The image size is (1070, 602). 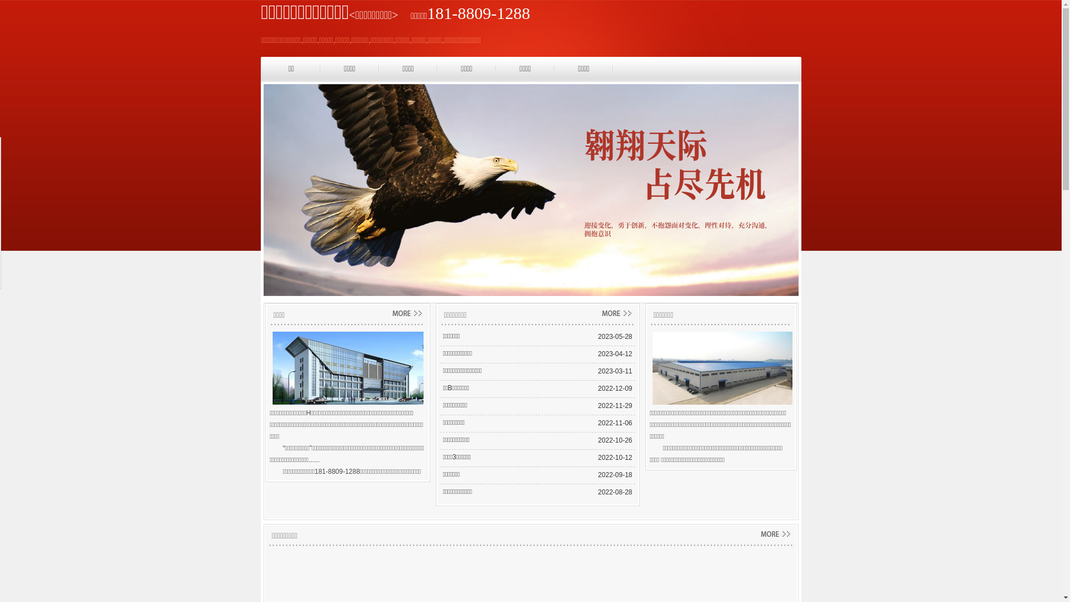 What do you see at coordinates (614, 371) in the screenshot?
I see `'2023-03-11'` at bounding box center [614, 371].